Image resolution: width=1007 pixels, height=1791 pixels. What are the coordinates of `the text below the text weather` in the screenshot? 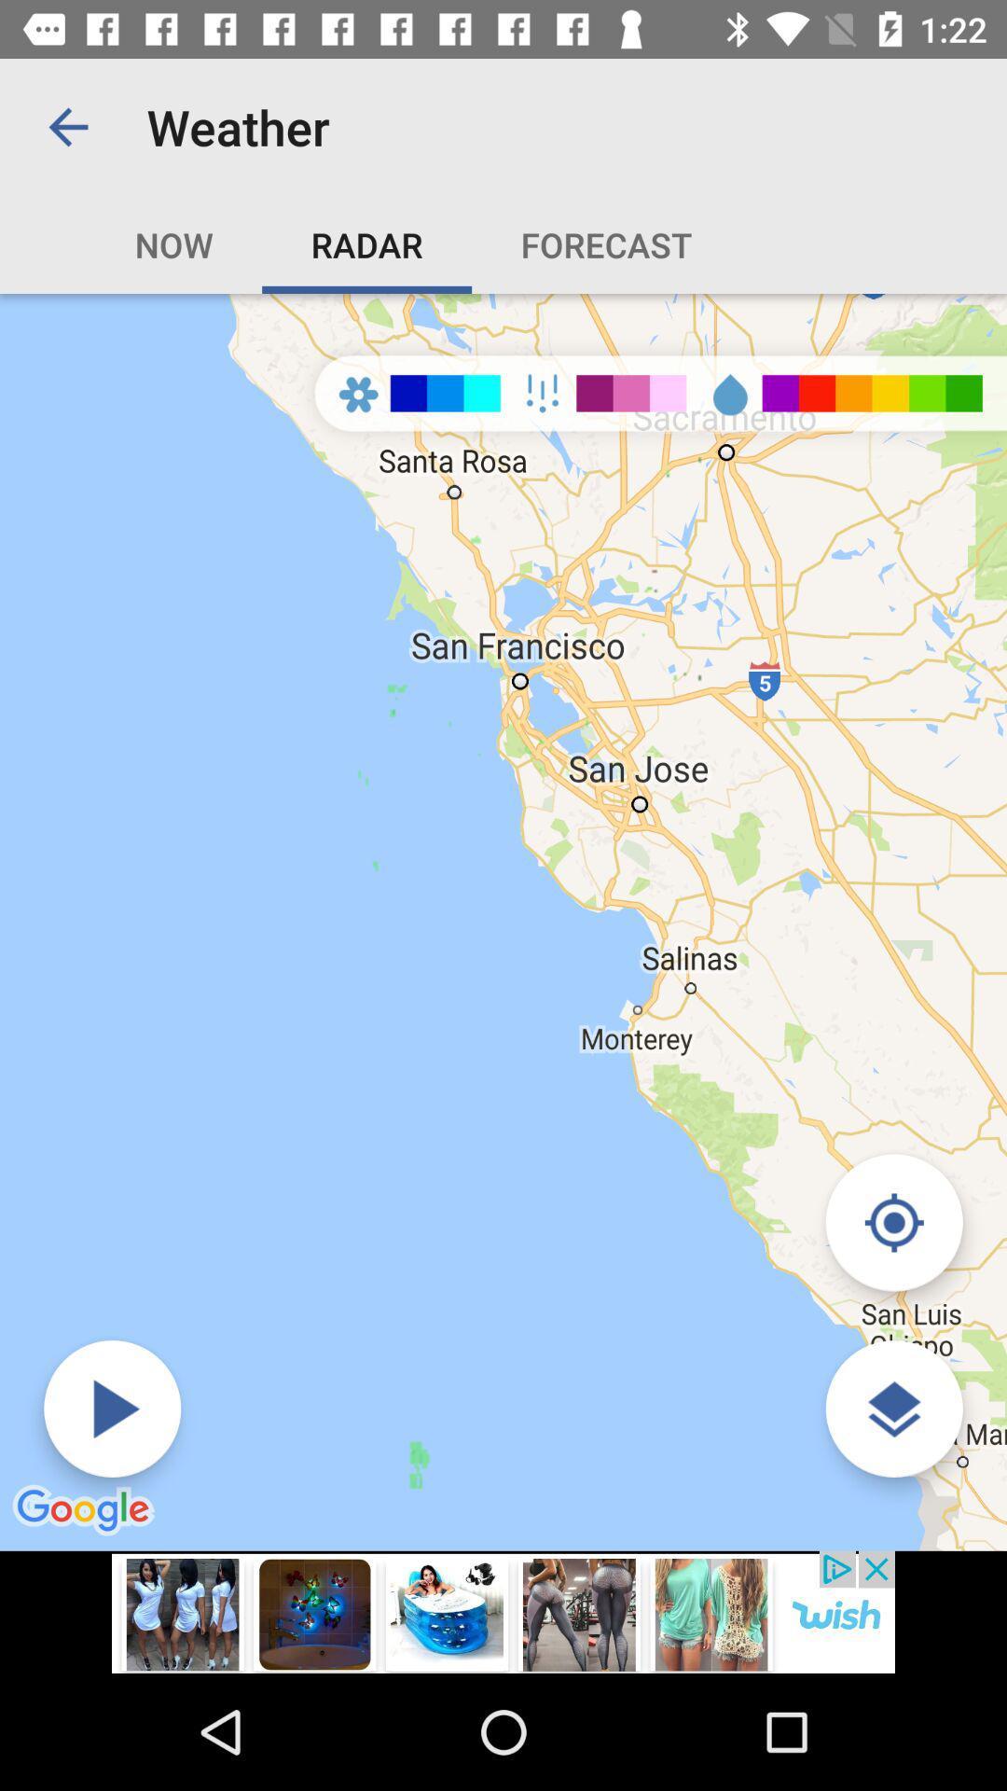 It's located at (545, 243).